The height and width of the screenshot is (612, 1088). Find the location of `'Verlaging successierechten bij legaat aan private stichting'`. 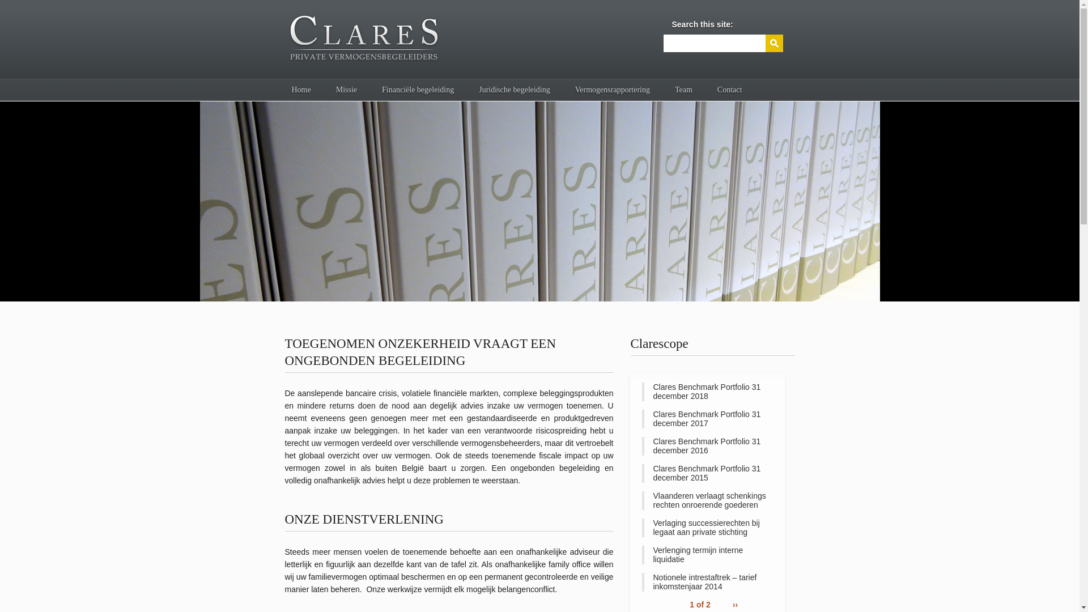

'Verlaging successierechten bij legaat aan private stichting' is located at coordinates (706, 528).